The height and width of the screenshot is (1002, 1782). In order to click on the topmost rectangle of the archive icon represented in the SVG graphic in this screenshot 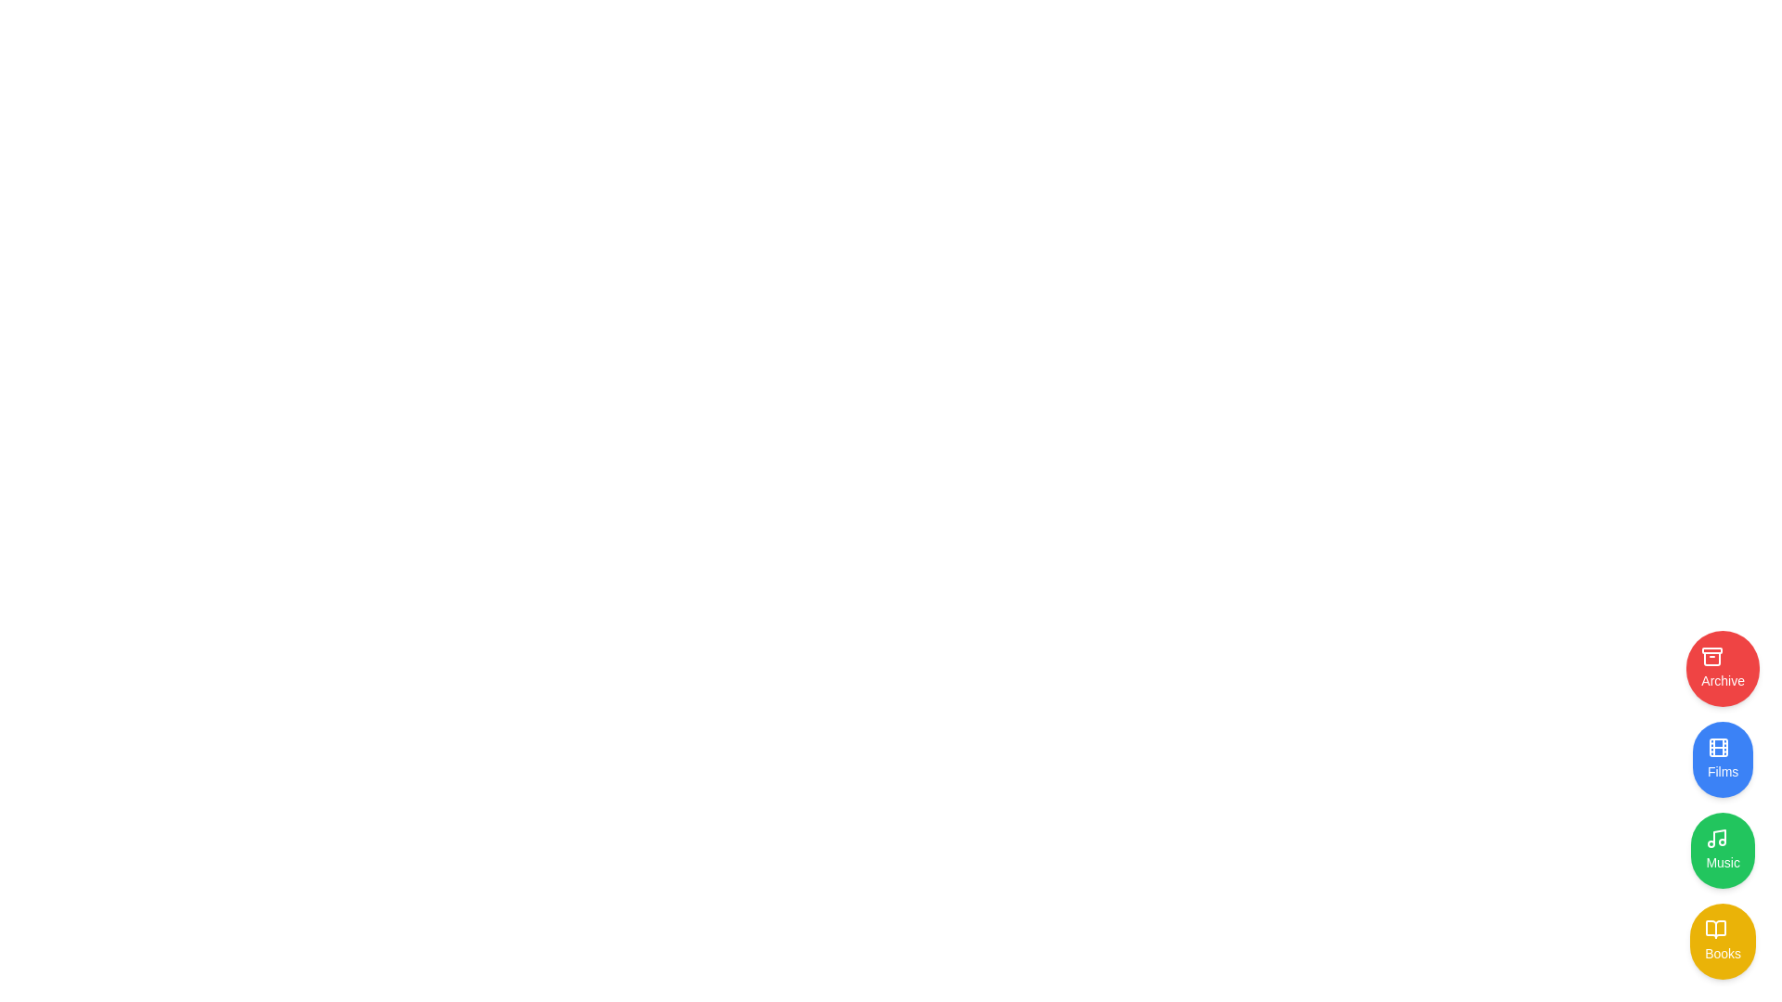, I will do `click(1711, 649)`.